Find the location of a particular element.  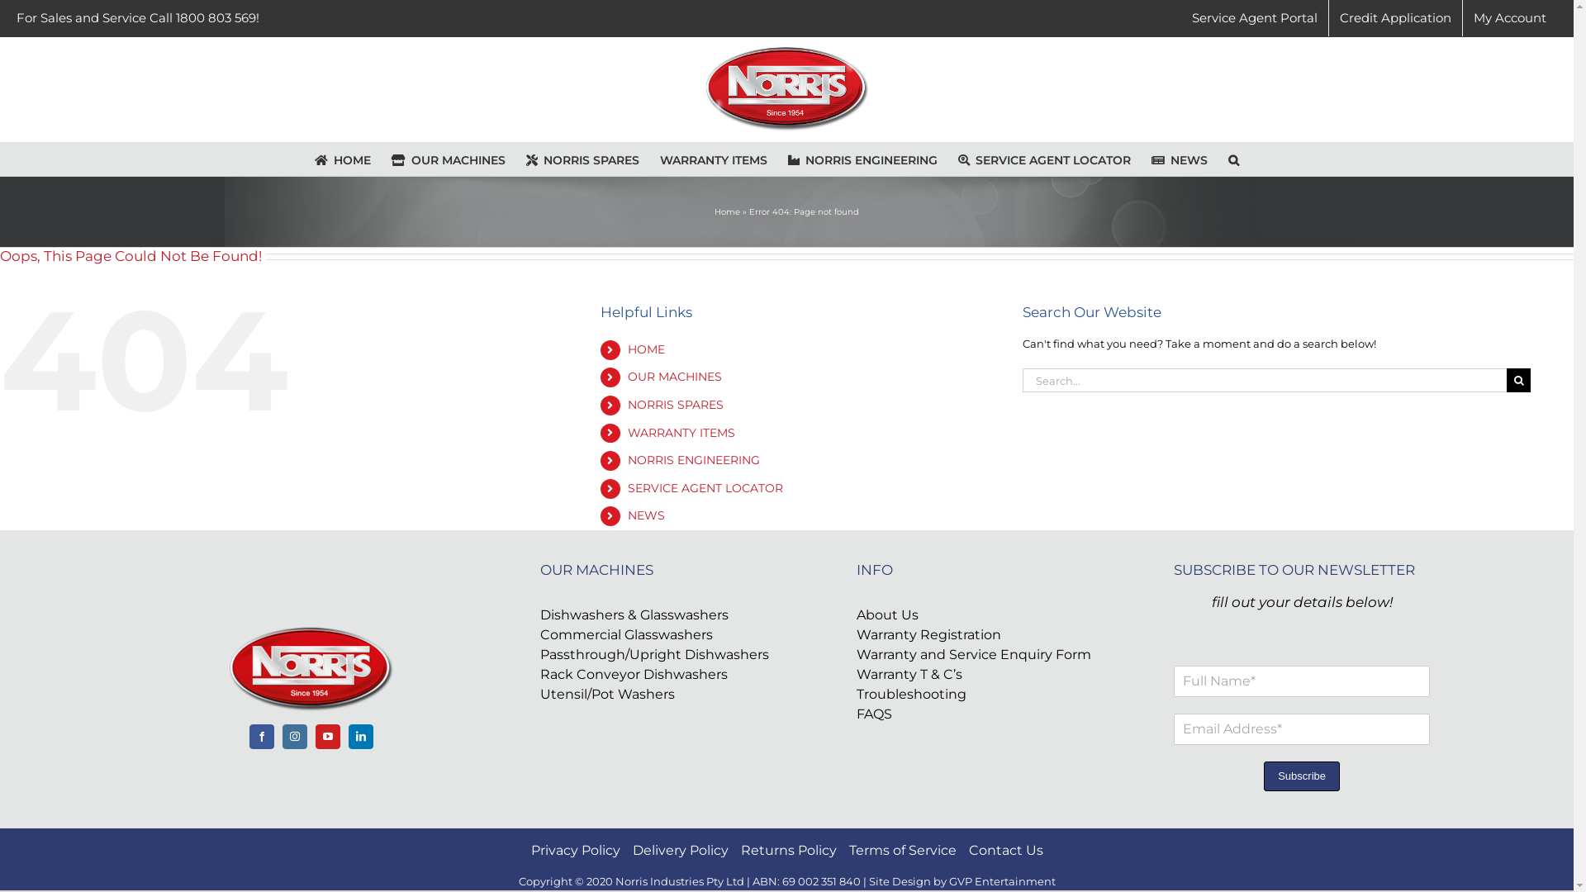

'Credit Application' is located at coordinates (1394, 18).